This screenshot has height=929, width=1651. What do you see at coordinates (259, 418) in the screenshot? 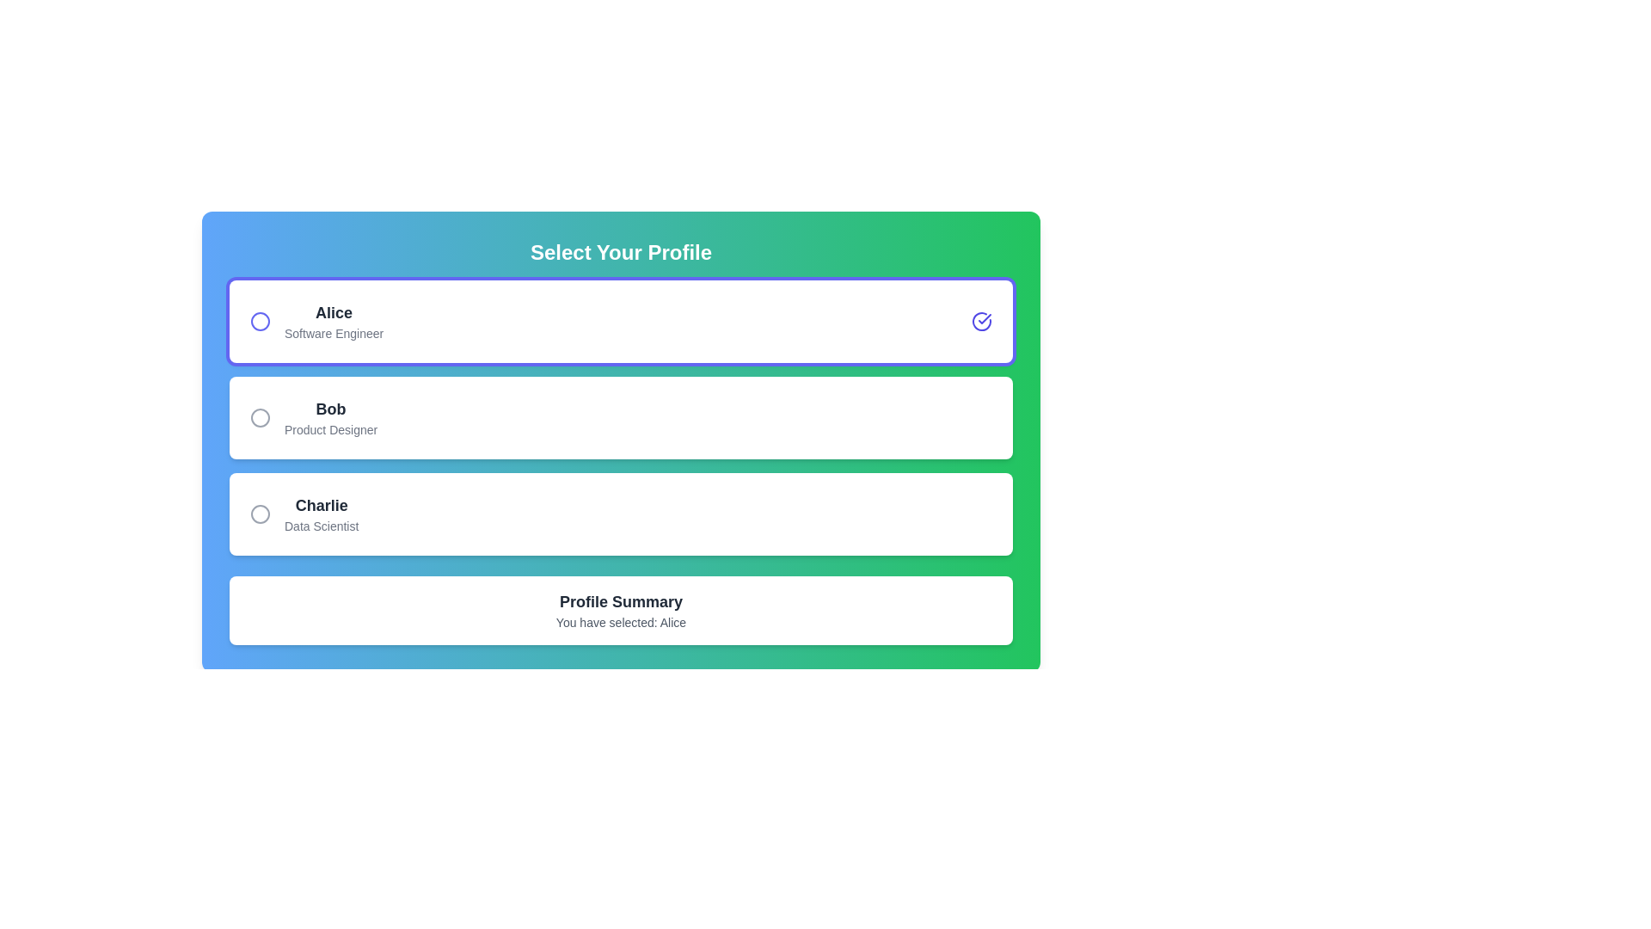
I see `the radio button for the profile selection of 'Bob - Product Designer'` at bounding box center [259, 418].